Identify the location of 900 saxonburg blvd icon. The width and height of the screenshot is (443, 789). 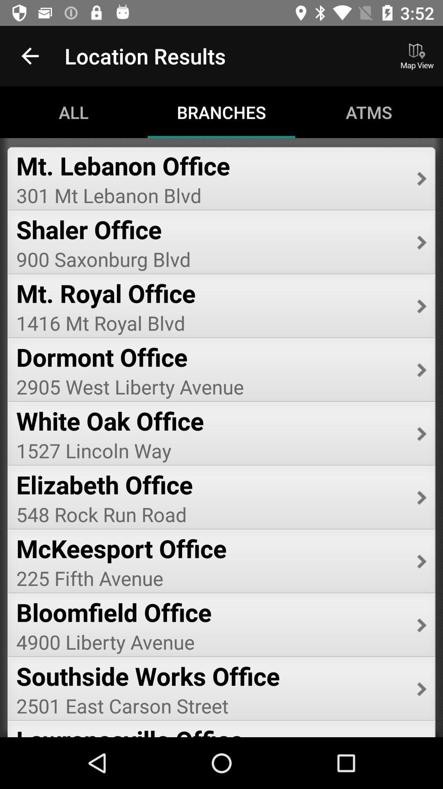
(210, 258).